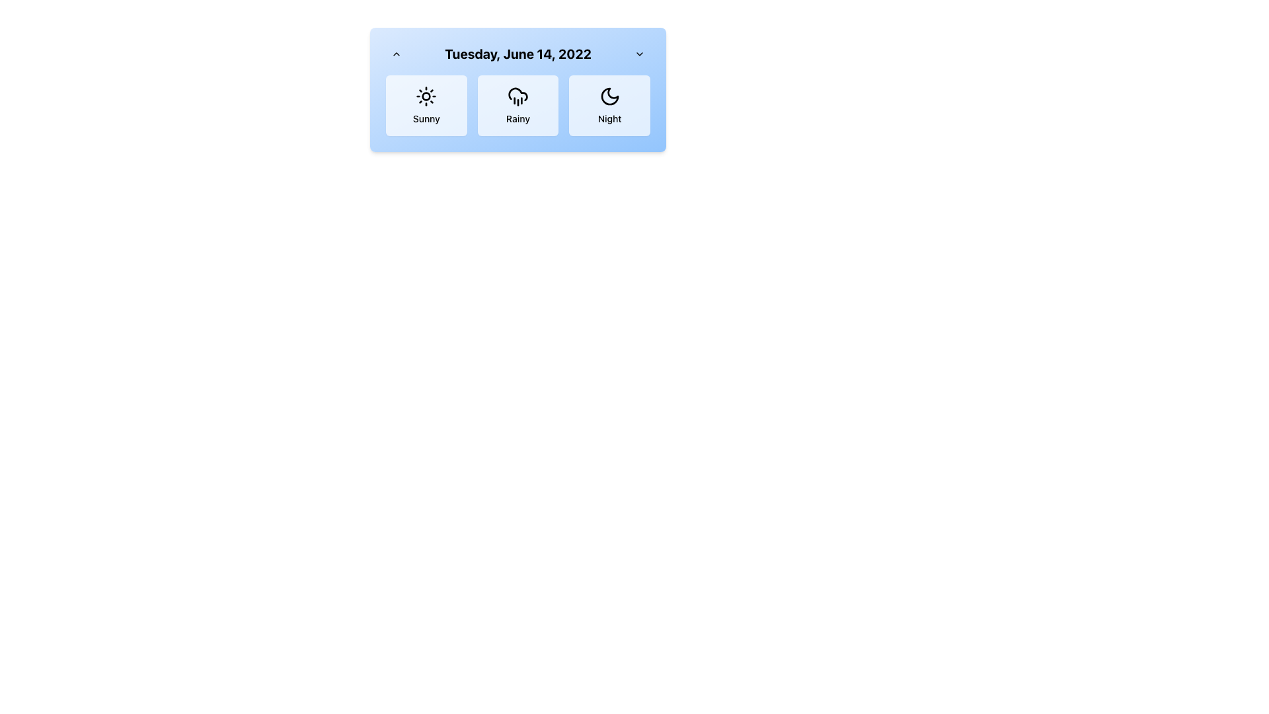 This screenshot has width=1269, height=714. I want to click on the downward-pointing chevron icon located in the top-right corner of the interface, so click(640, 53).